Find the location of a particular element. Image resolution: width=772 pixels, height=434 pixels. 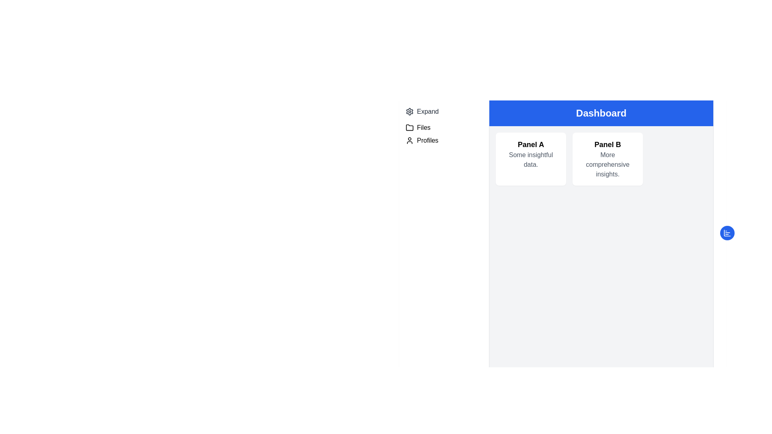

the static text label reading 'More comprehensive insights.' which is styled in gray and located under the bold title 'Panel B' in a white panel with rounded corners is located at coordinates (608, 164).